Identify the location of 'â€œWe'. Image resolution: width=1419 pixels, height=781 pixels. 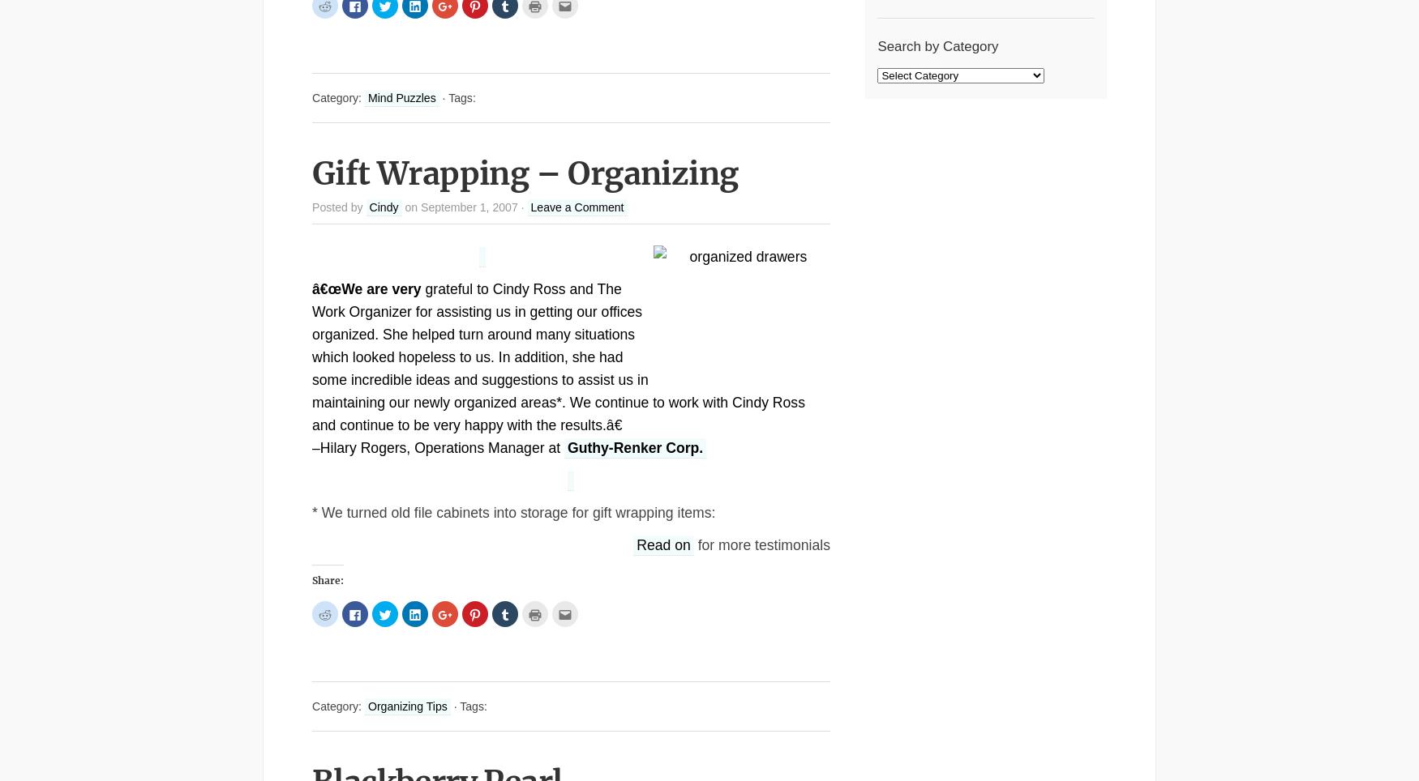
(336, 288).